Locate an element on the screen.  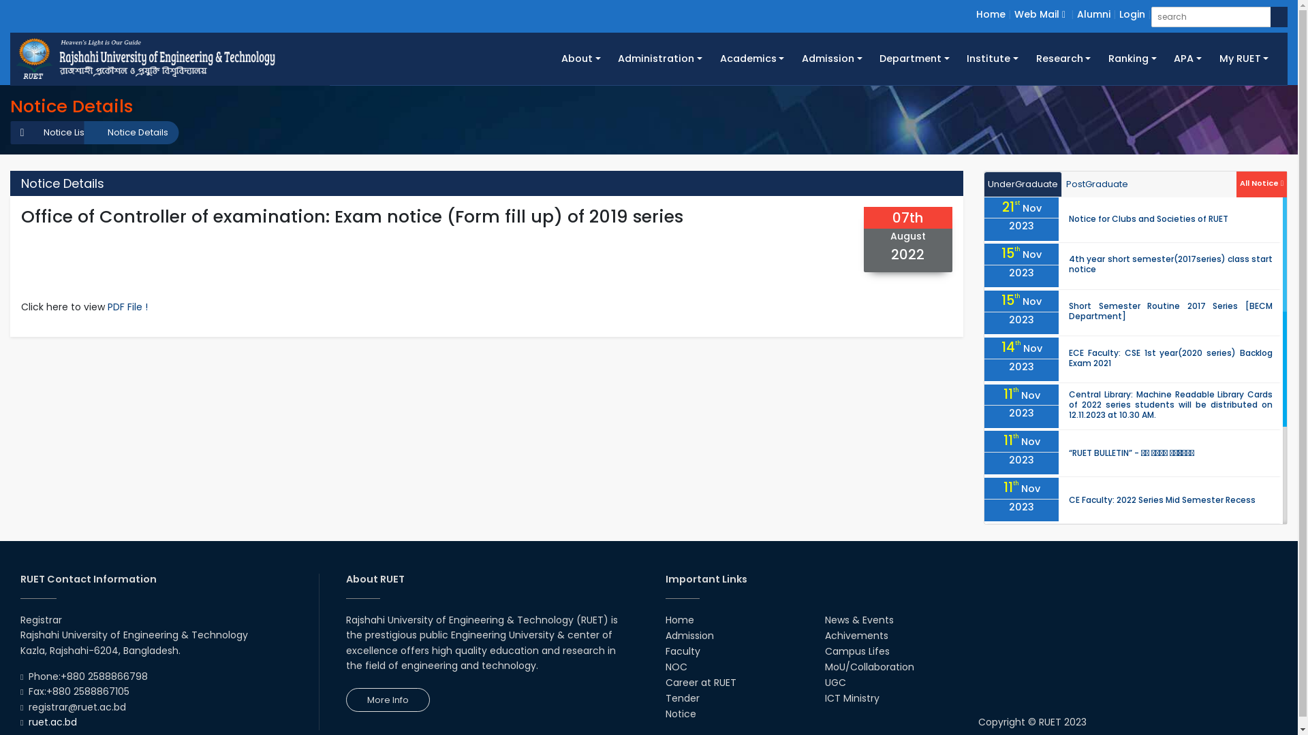
'MoU/Collaboration' is located at coordinates (869, 666).